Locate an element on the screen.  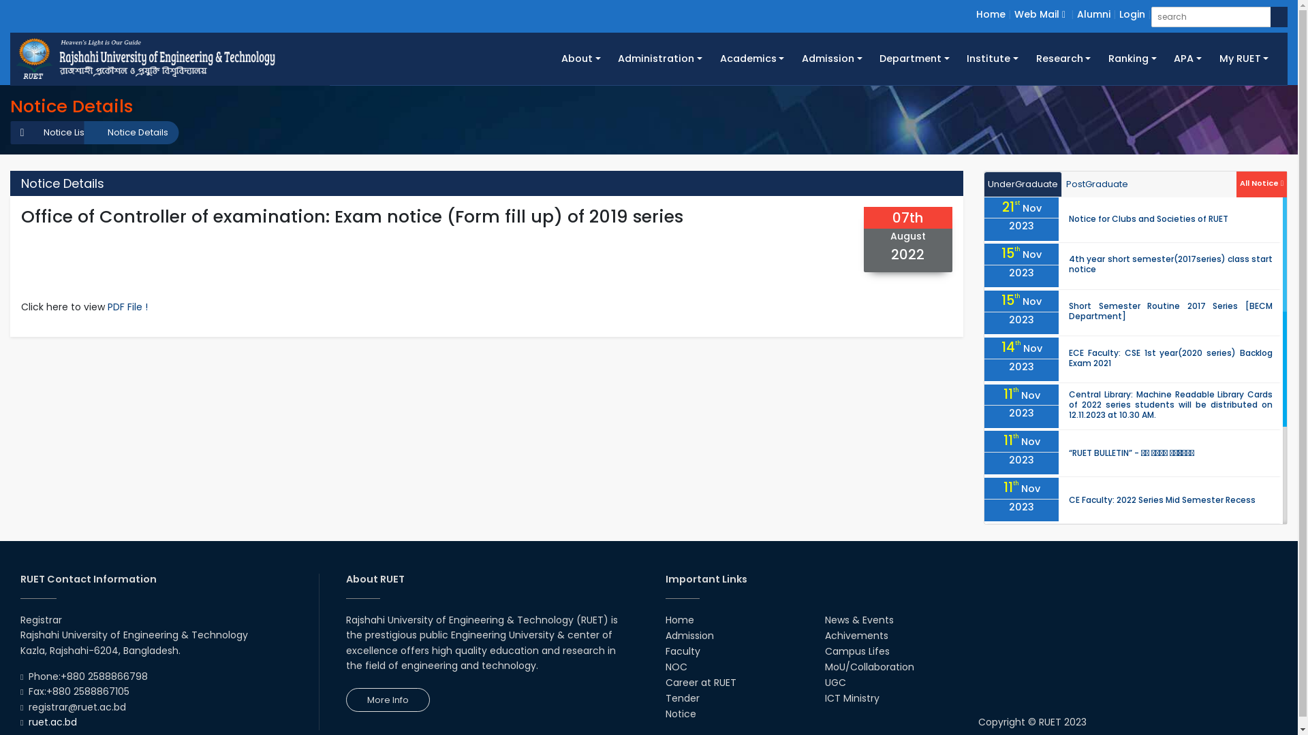
'MoU/Collaboration' is located at coordinates (869, 666).